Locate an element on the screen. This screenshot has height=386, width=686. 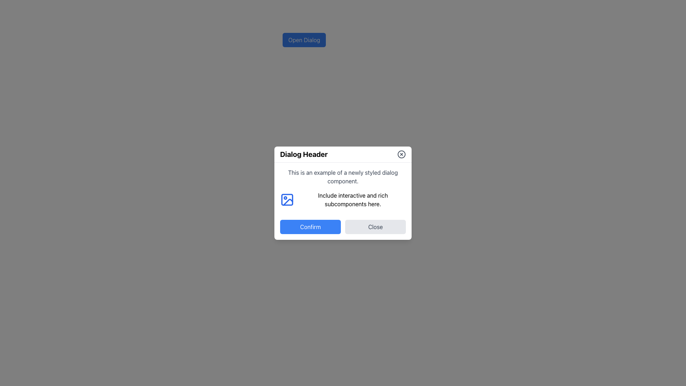
text from the Text Display that shows 'This is an example of a newly styled dialog component.' is located at coordinates (343, 177).